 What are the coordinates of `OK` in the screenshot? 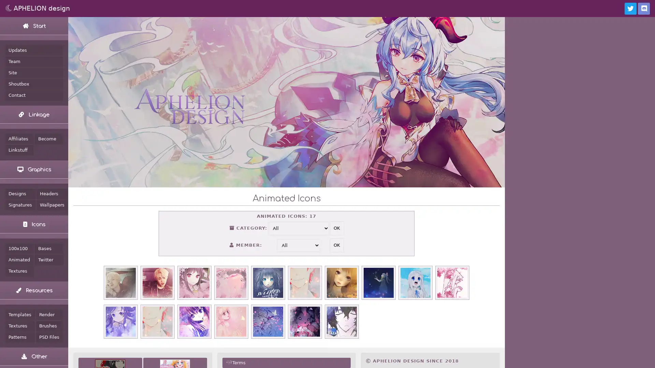 It's located at (336, 228).